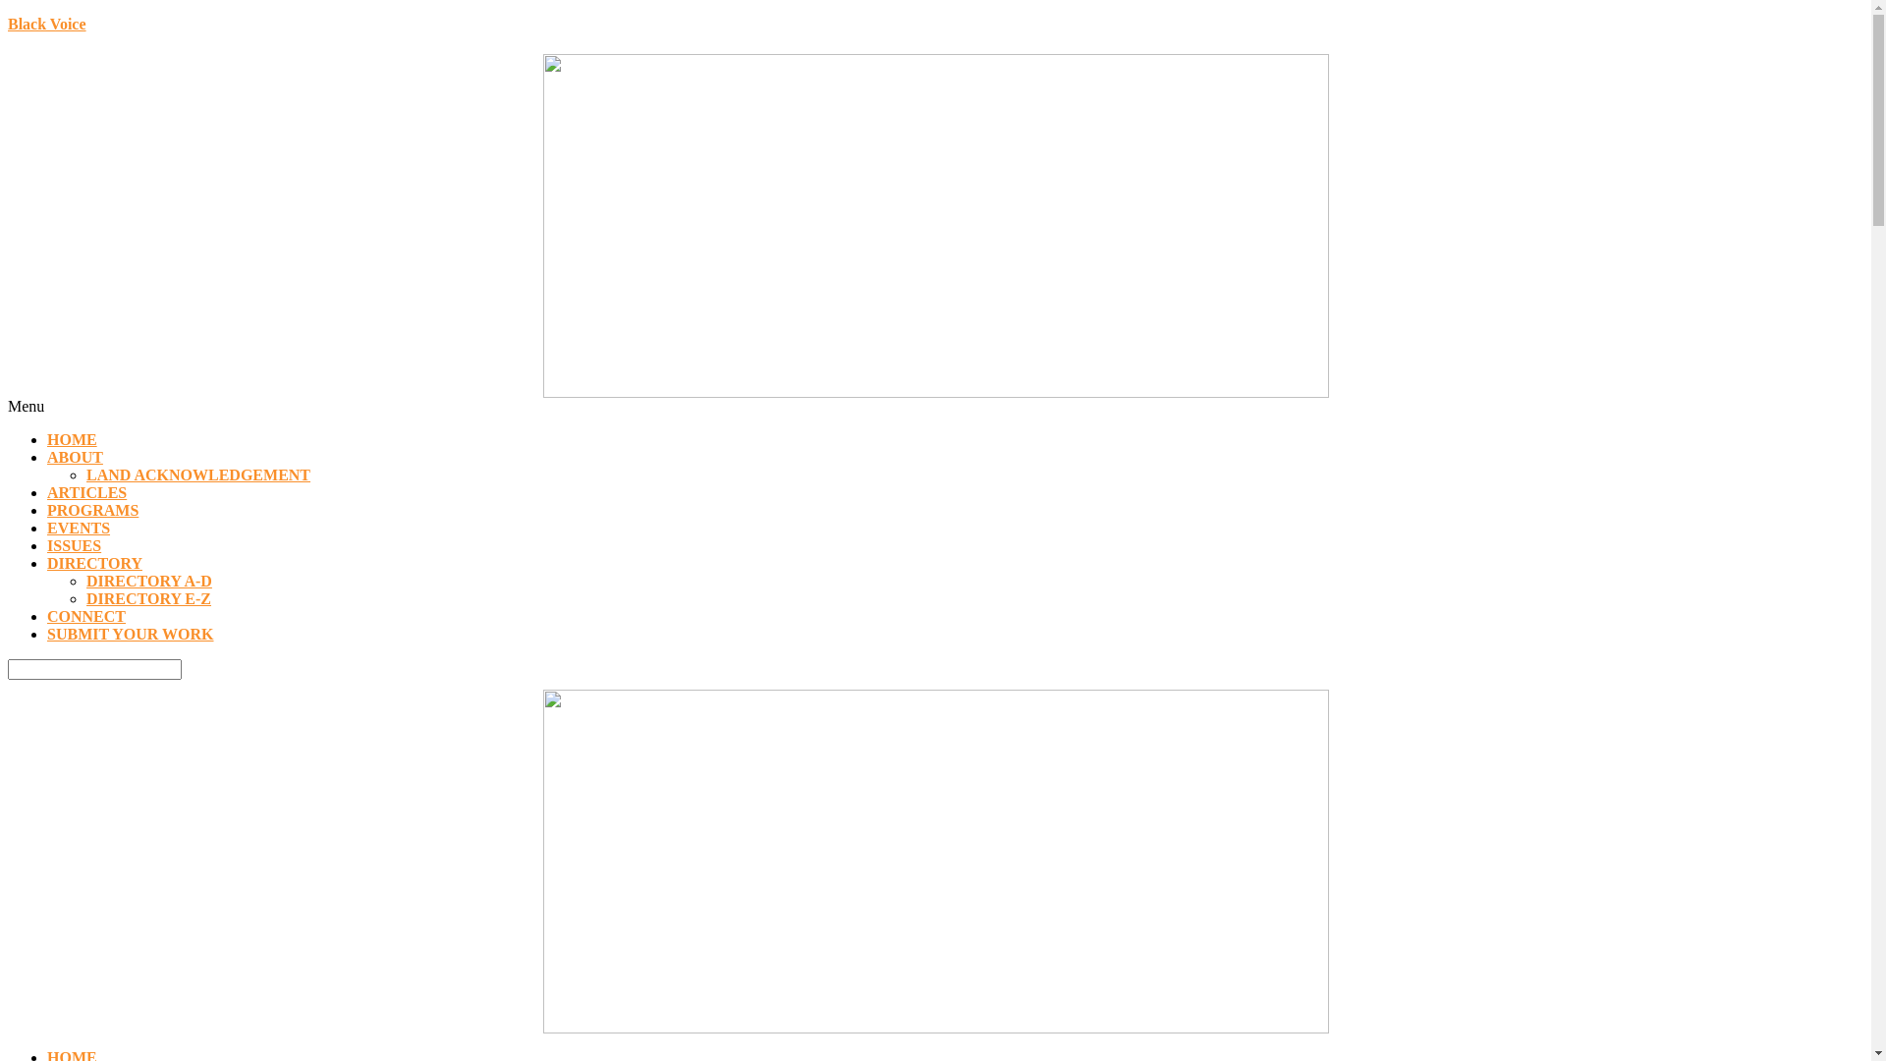  I want to click on 'PROGRAMS', so click(47, 509).